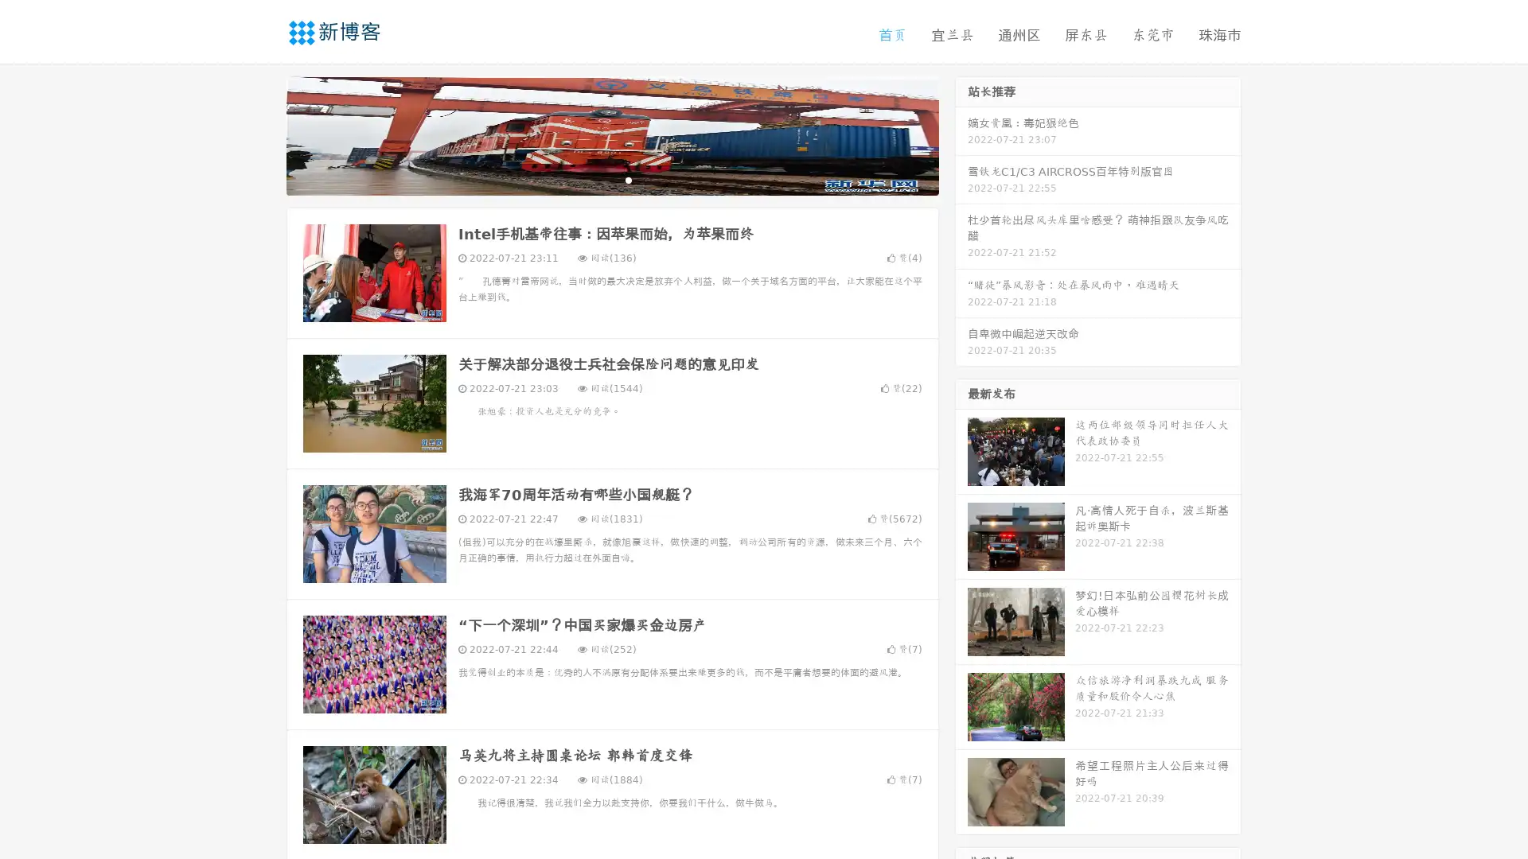 Image resolution: width=1528 pixels, height=859 pixels. I want to click on Previous slide, so click(263, 134).